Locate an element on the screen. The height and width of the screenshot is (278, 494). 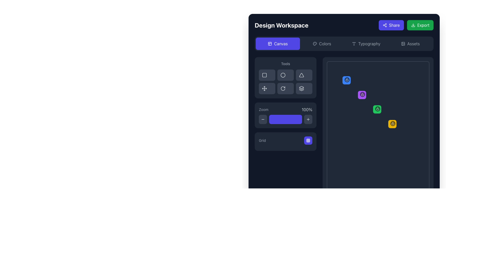
the 'share' button located in the top-right corner of the interface, adjacent to the 'Export' button, to share content from the current workspace is located at coordinates (391, 25).